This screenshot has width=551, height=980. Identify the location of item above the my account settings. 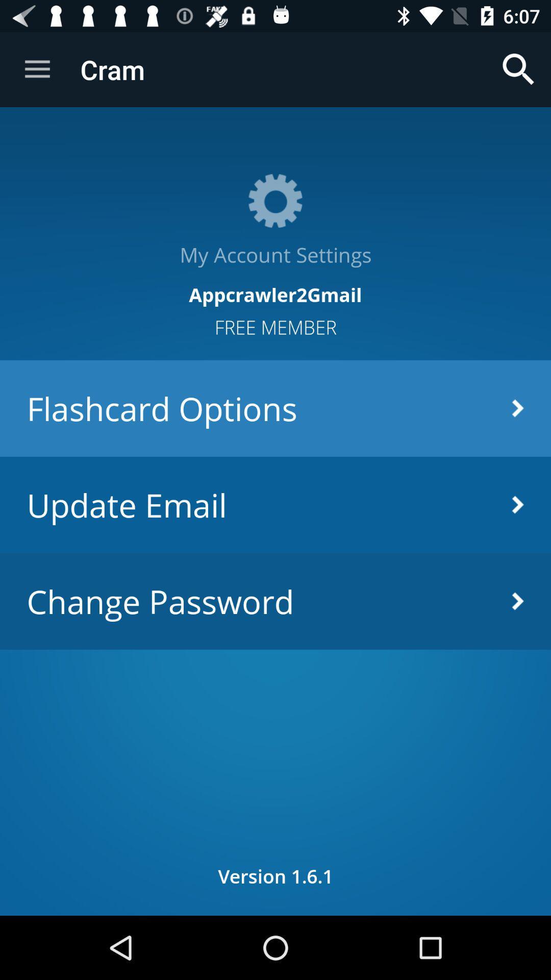
(519, 69).